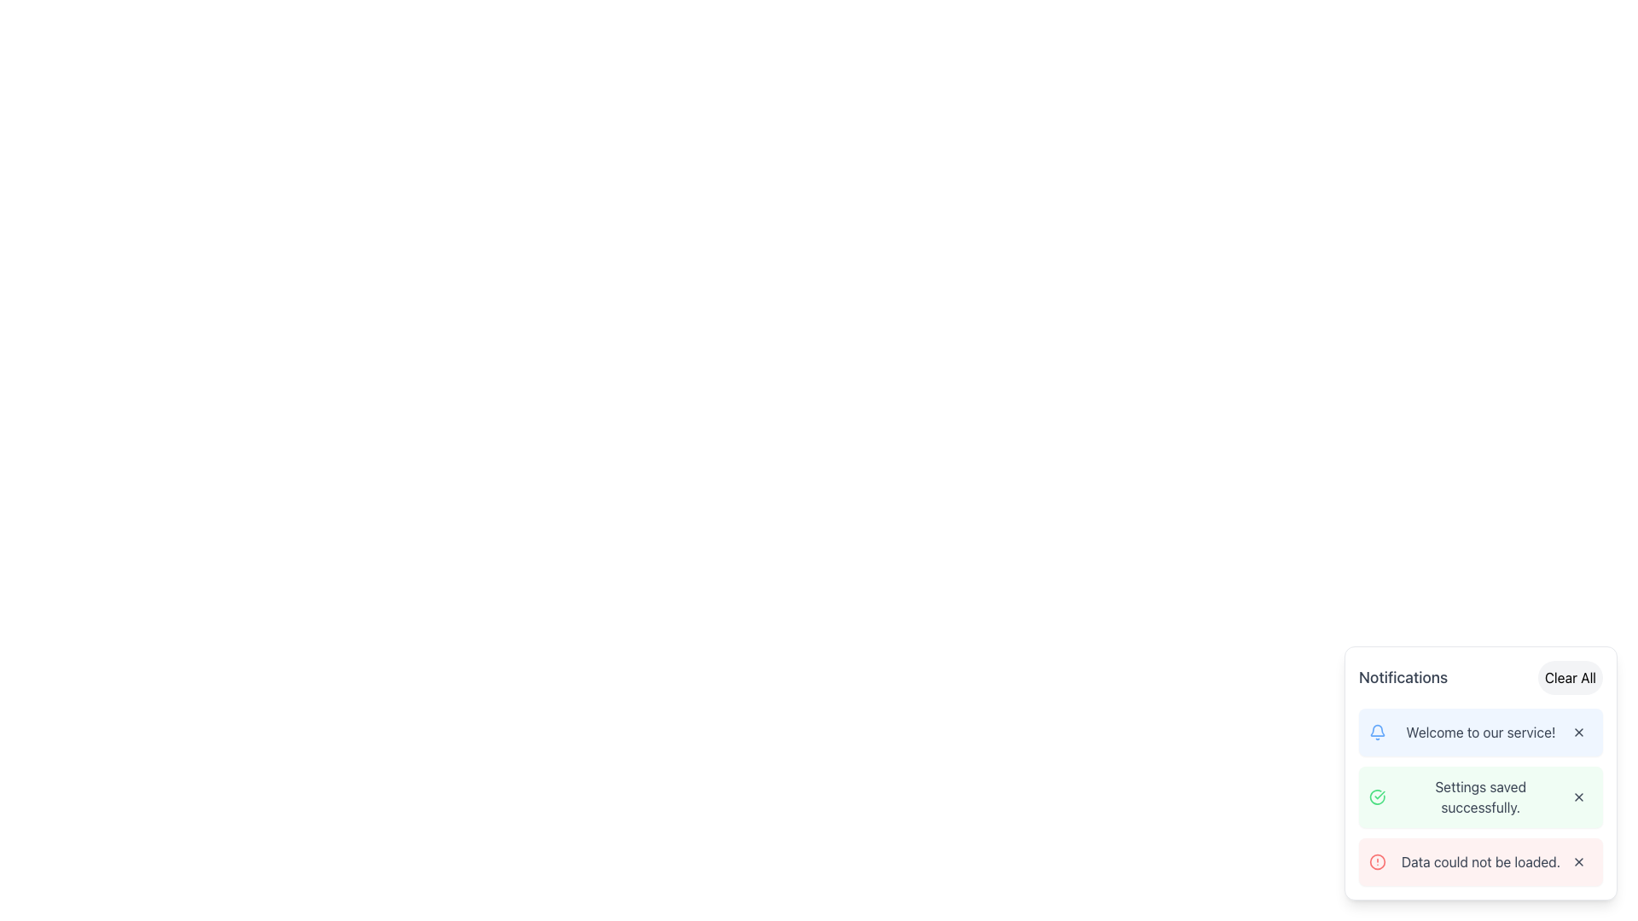 The height and width of the screenshot is (921, 1638). Describe the element at coordinates (1479, 796) in the screenshot. I see `the status message text label that indicates settings have been saved successfully, located in the Notifications sidebar` at that location.